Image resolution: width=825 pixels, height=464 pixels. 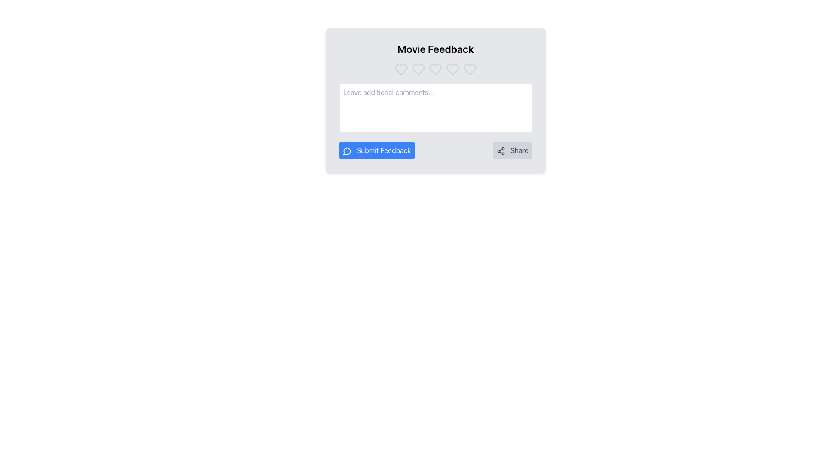 What do you see at coordinates (512, 150) in the screenshot?
I see `the 'Share' button, which is a rectangular button with a light gray background, rounded corners, and the text 'Share' in dark gray, located in the bottom-right corner of the feedback form` at bounding box center [512, 150].